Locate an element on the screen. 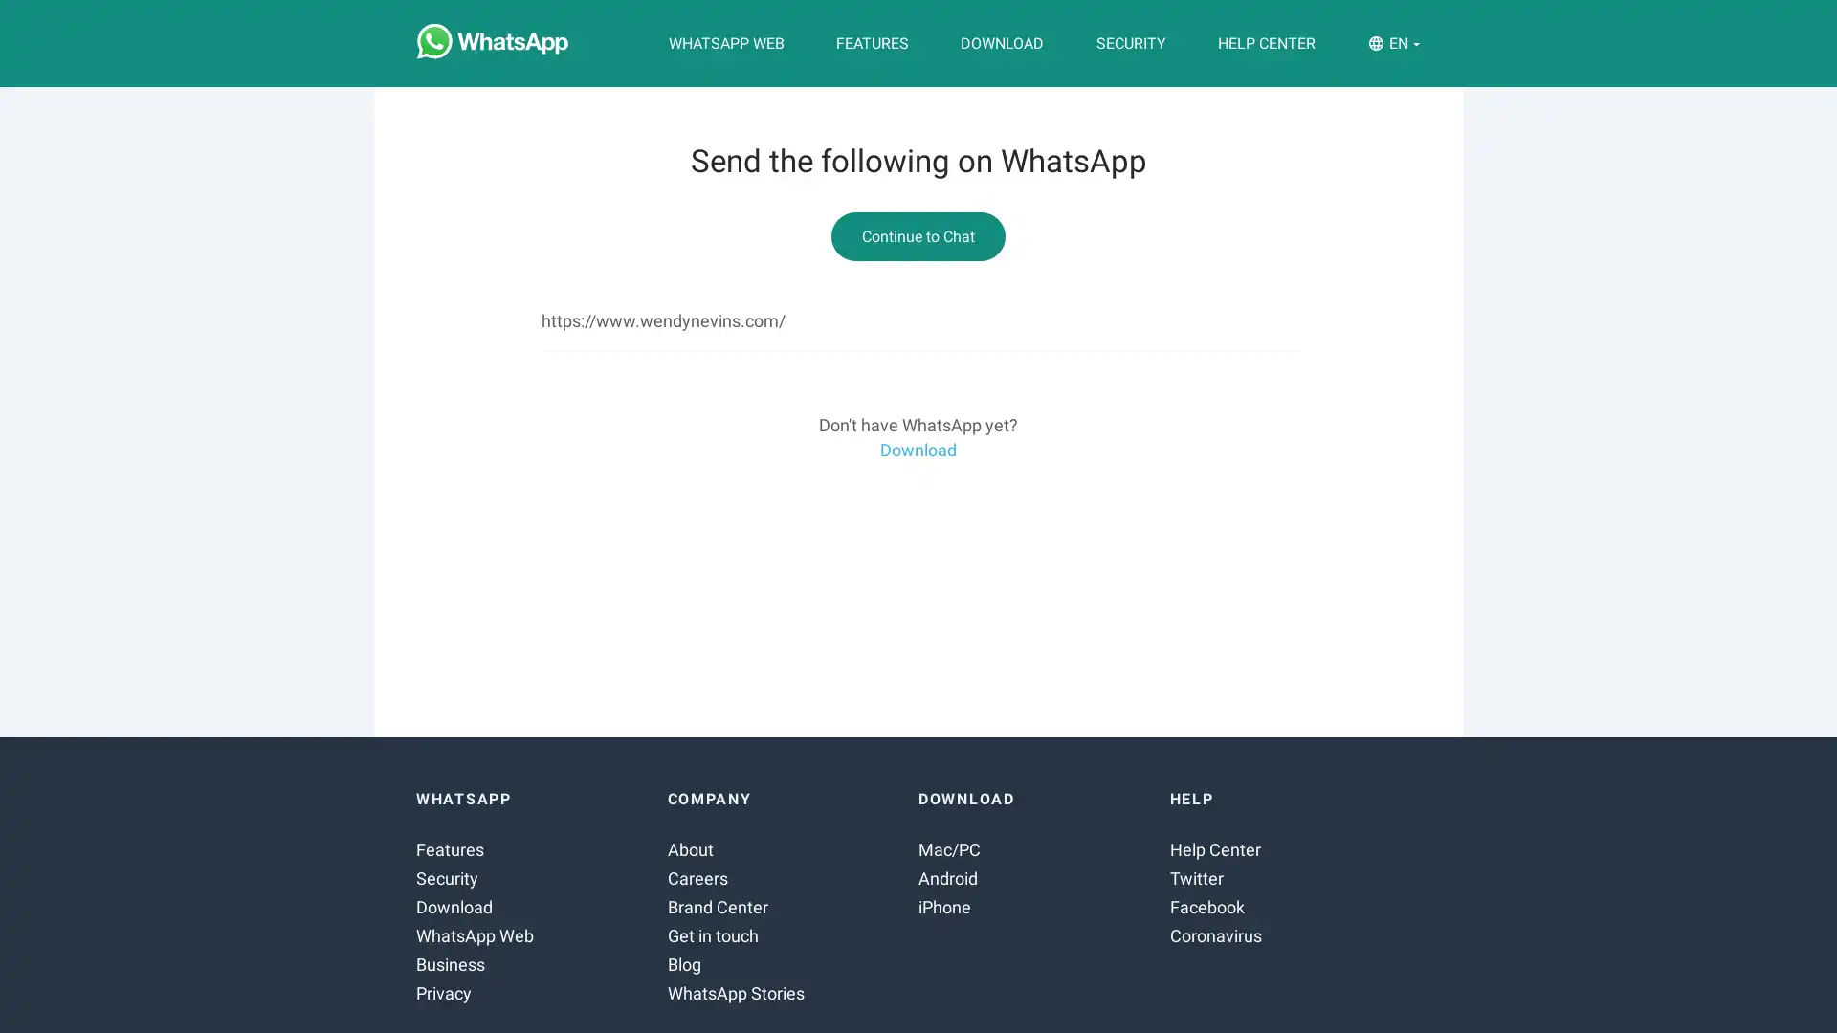 The height and width of the screenshot is (1033, 1837). EN is located at coordinates (1394, 43).